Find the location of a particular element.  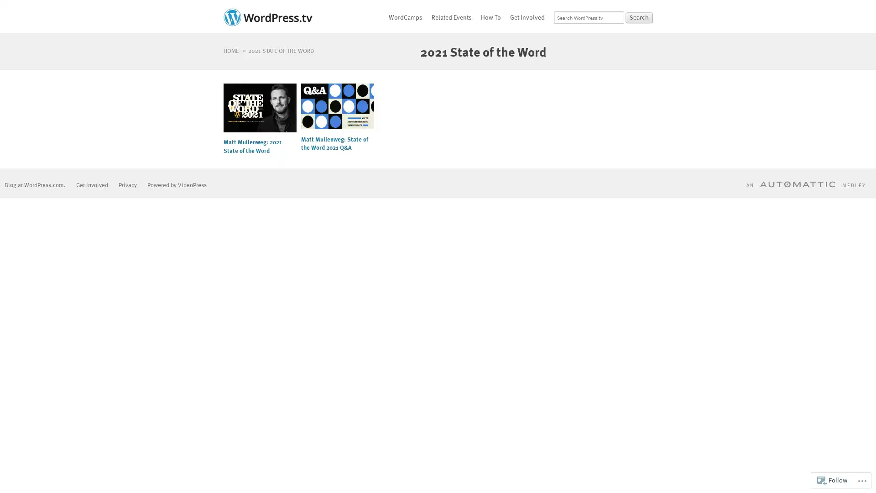

Search is located at coordinates (639, 17).